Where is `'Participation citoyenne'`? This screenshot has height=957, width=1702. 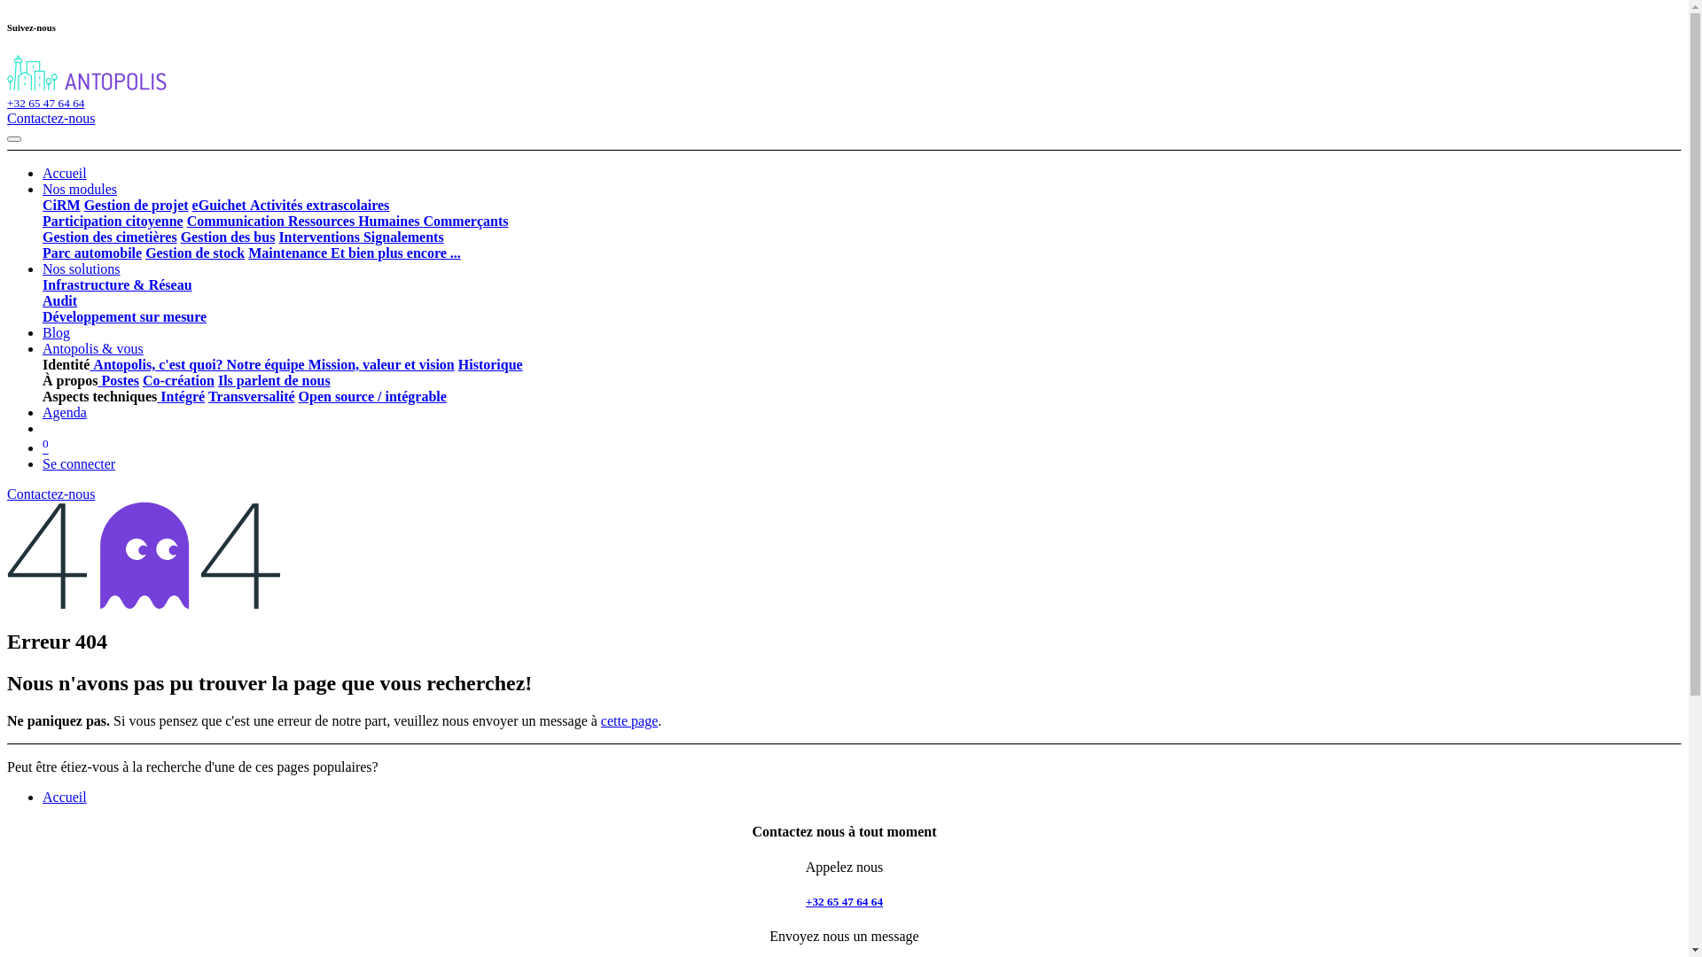 'Participation citoyenne' is located at coordinates (112, 220).